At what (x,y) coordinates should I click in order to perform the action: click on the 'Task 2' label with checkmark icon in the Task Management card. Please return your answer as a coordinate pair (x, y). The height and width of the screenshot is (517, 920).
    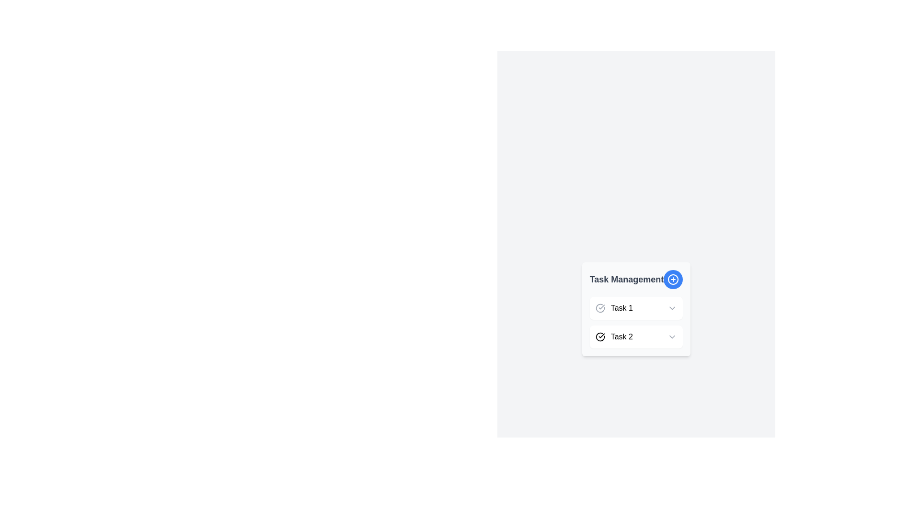
    Looking at the image, I should click on (614, 337).